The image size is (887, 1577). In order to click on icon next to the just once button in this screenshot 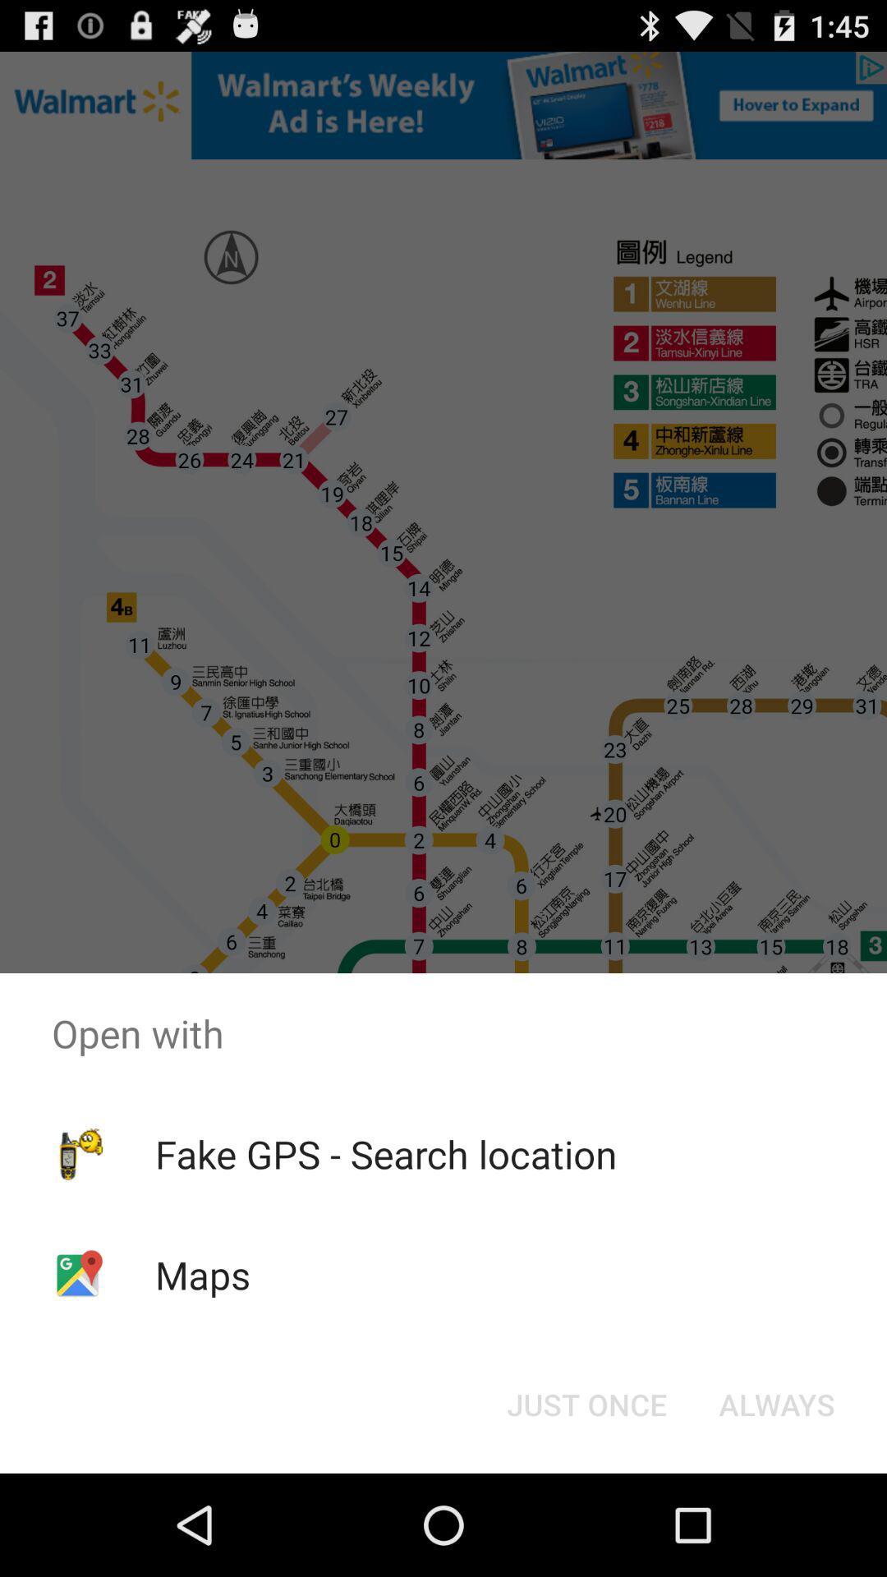, I will do `click(776, 1403)`.